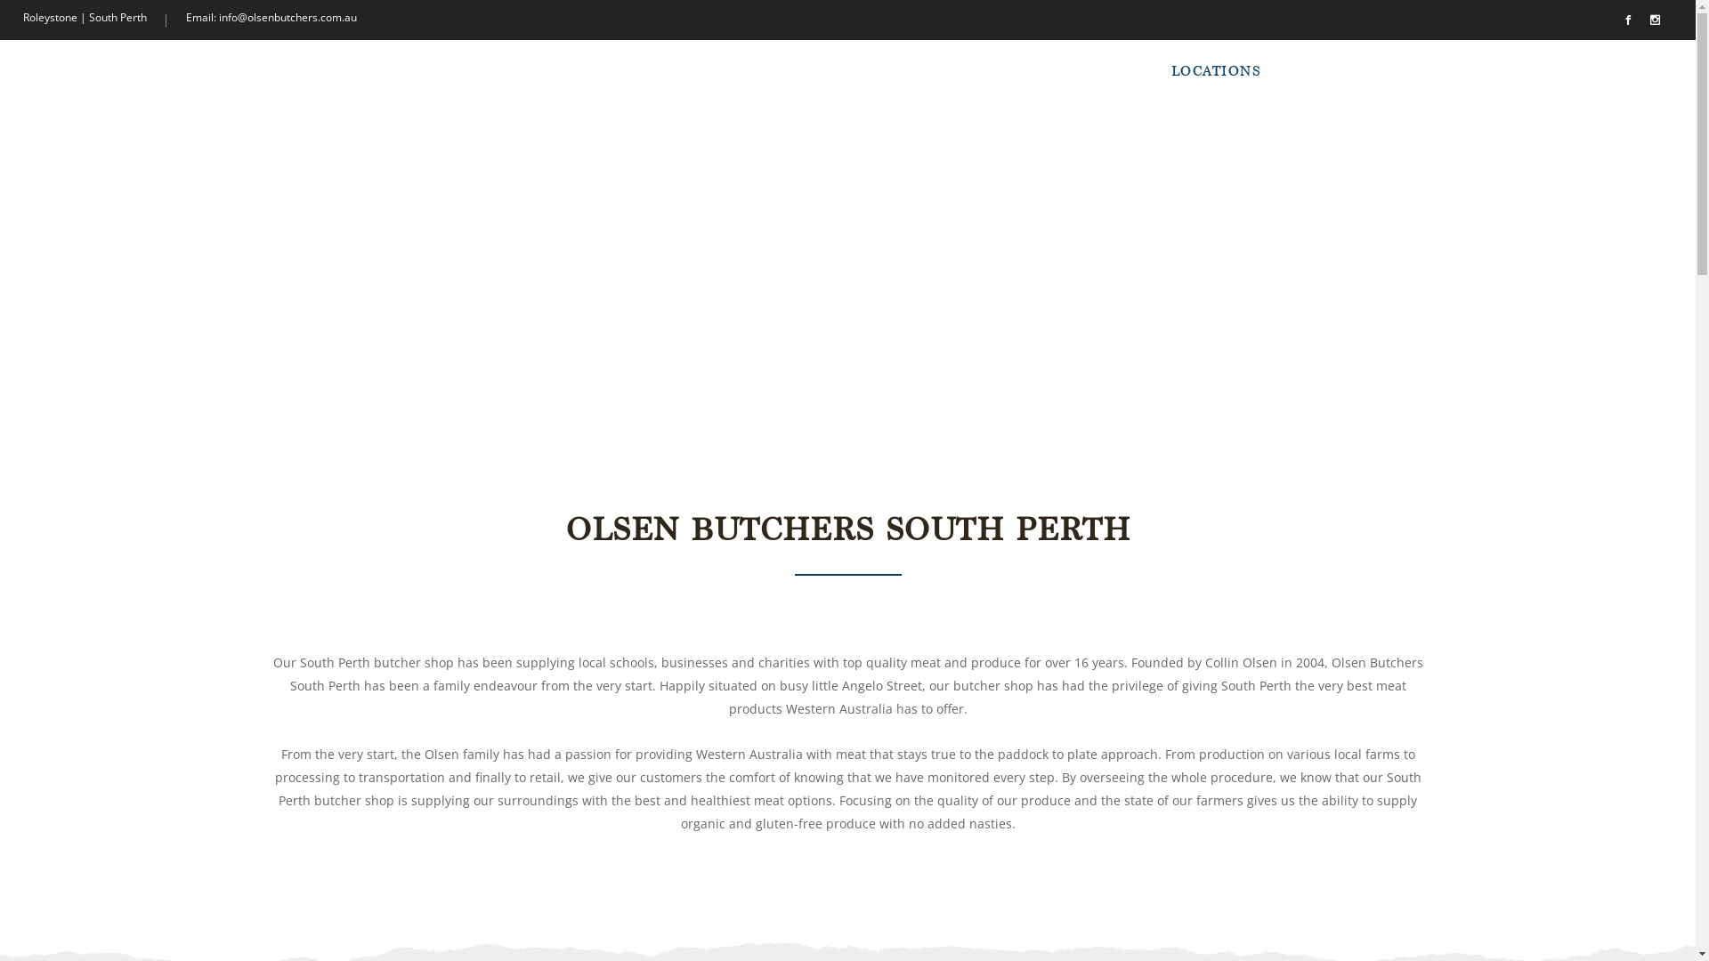  I want to click on 'CAREERS', so click(1379, 69).